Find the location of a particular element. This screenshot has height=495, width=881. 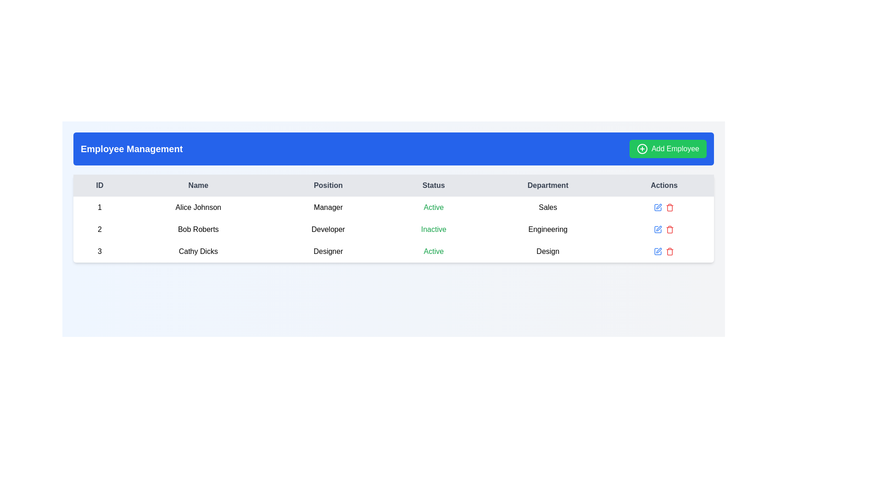

the text label displaying the job title 'Manager', which is located in the second row of the table under the 'Position' column is located at coordinates (328, 207).